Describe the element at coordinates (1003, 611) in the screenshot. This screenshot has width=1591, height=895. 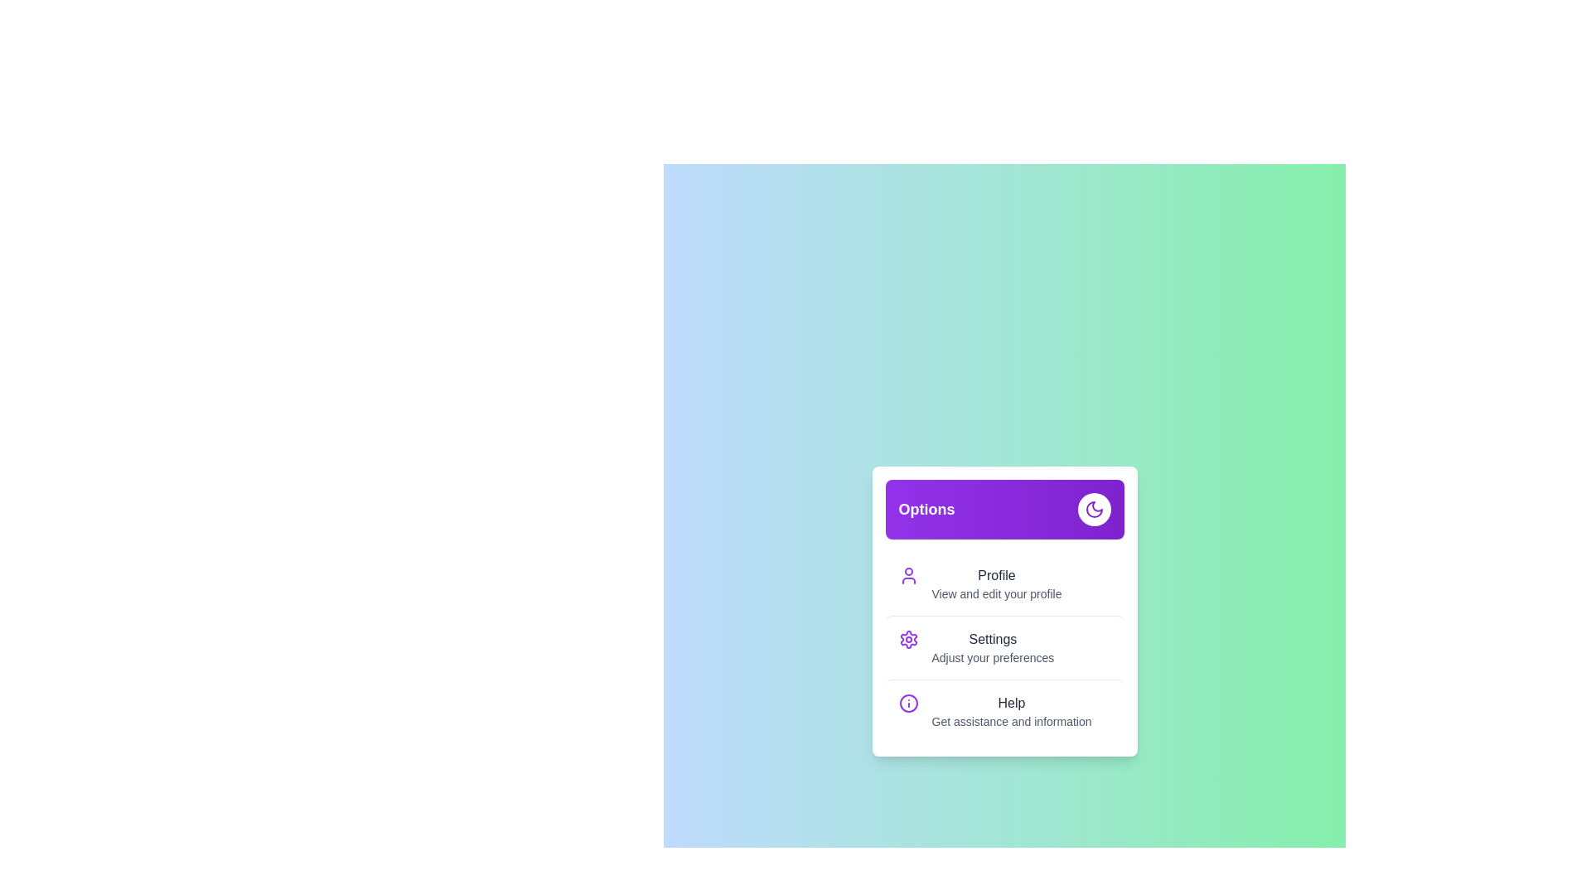
I see `the background to focus on the gradient` at that location.